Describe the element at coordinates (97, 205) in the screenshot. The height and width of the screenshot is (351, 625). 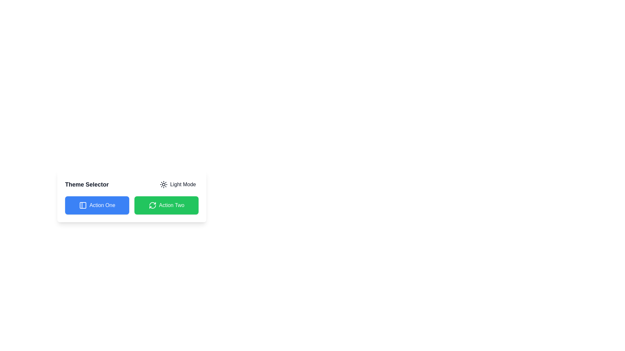
I see `the blue button labeled 'Action One'` at that location.